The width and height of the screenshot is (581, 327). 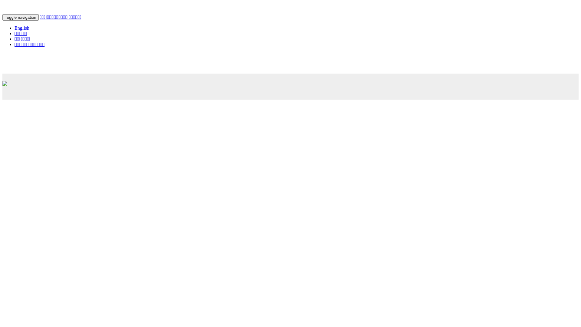 I want to click on 'Toggle navigation', so click(x=20, y=17).